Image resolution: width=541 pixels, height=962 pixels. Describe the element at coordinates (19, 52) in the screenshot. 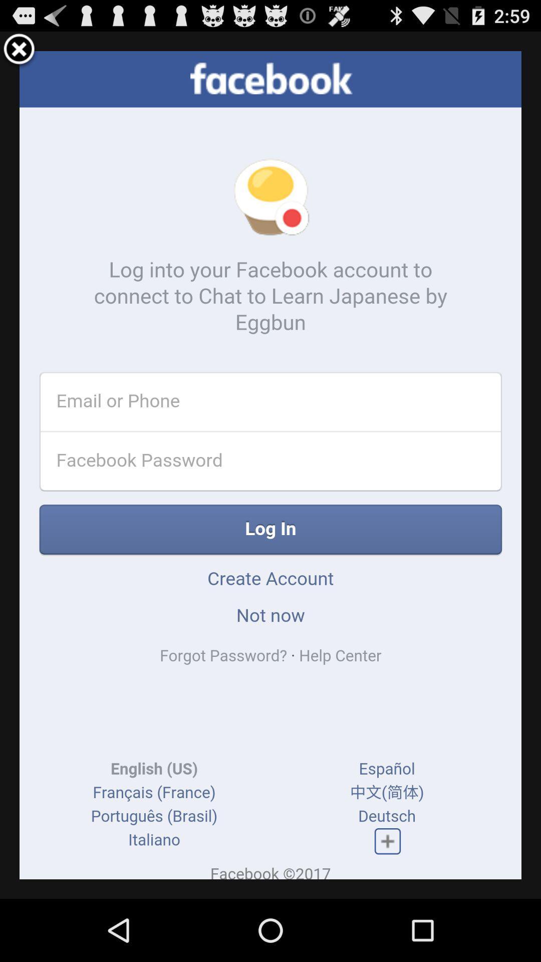

I see `the close icon` at that location.